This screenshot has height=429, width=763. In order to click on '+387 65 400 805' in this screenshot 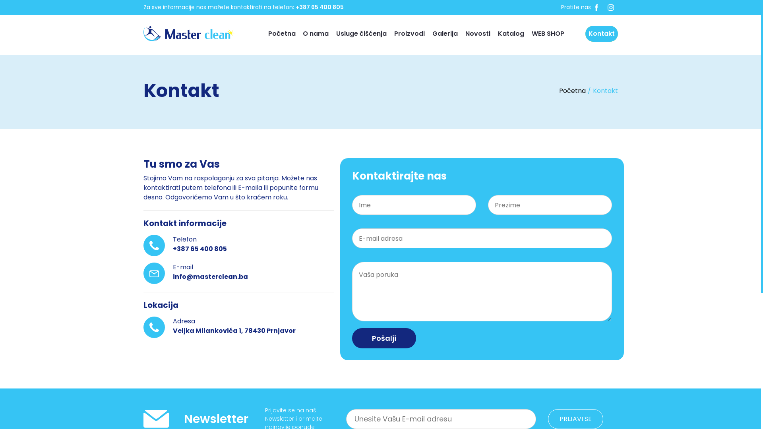, I will do `click(320, 7)`.